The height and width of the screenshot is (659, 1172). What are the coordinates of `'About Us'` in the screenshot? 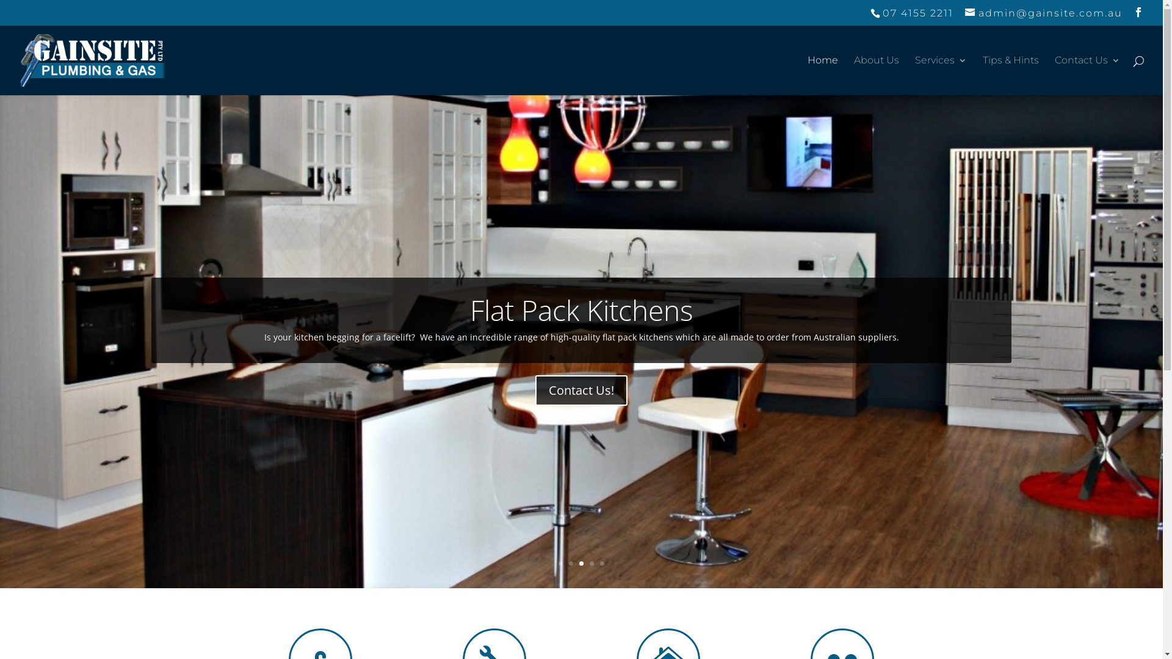 It's located at (875, 75).